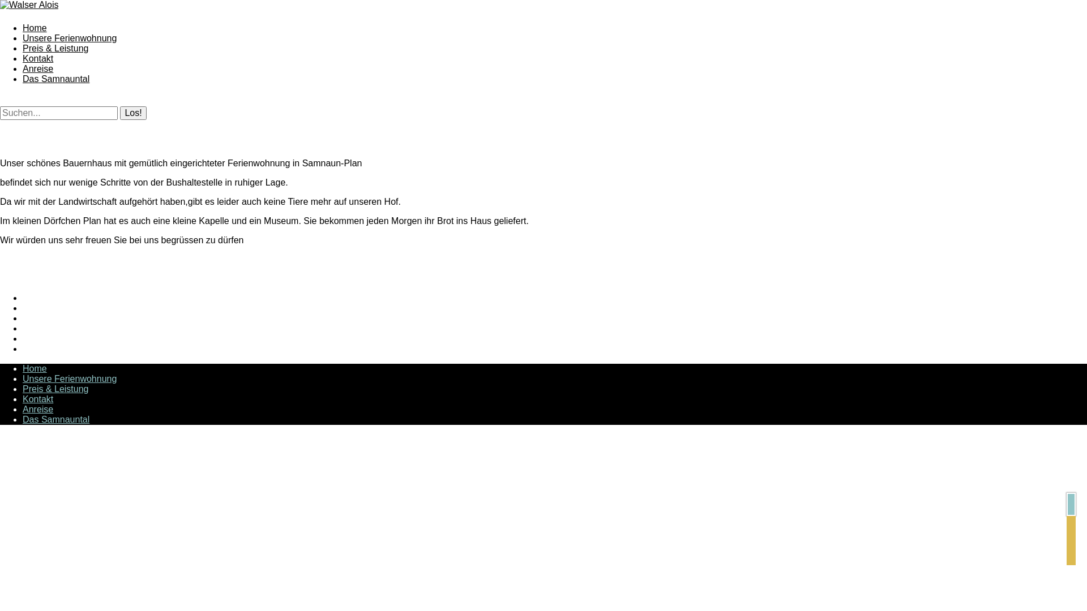  What do you see at coordinates (38, 58) in the screenshot?
I see `'Kontakt'` at bounding box center [38, 58].